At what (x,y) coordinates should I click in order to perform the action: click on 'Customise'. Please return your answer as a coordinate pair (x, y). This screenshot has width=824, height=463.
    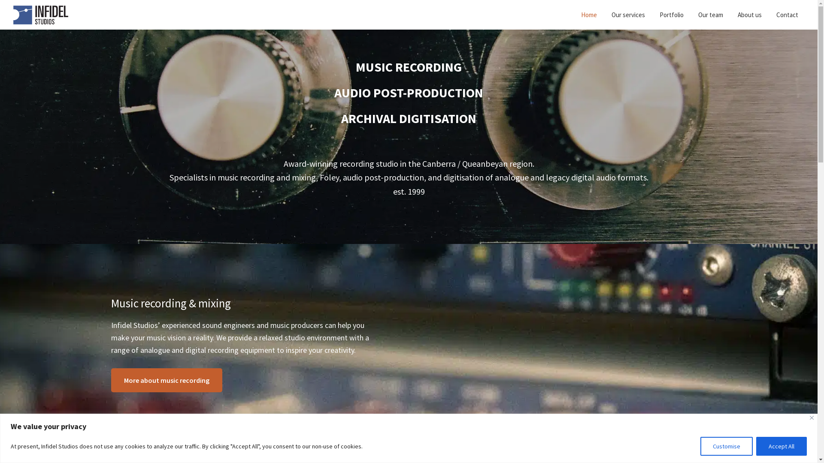
    Looking at the image, I should click on (726, 445).